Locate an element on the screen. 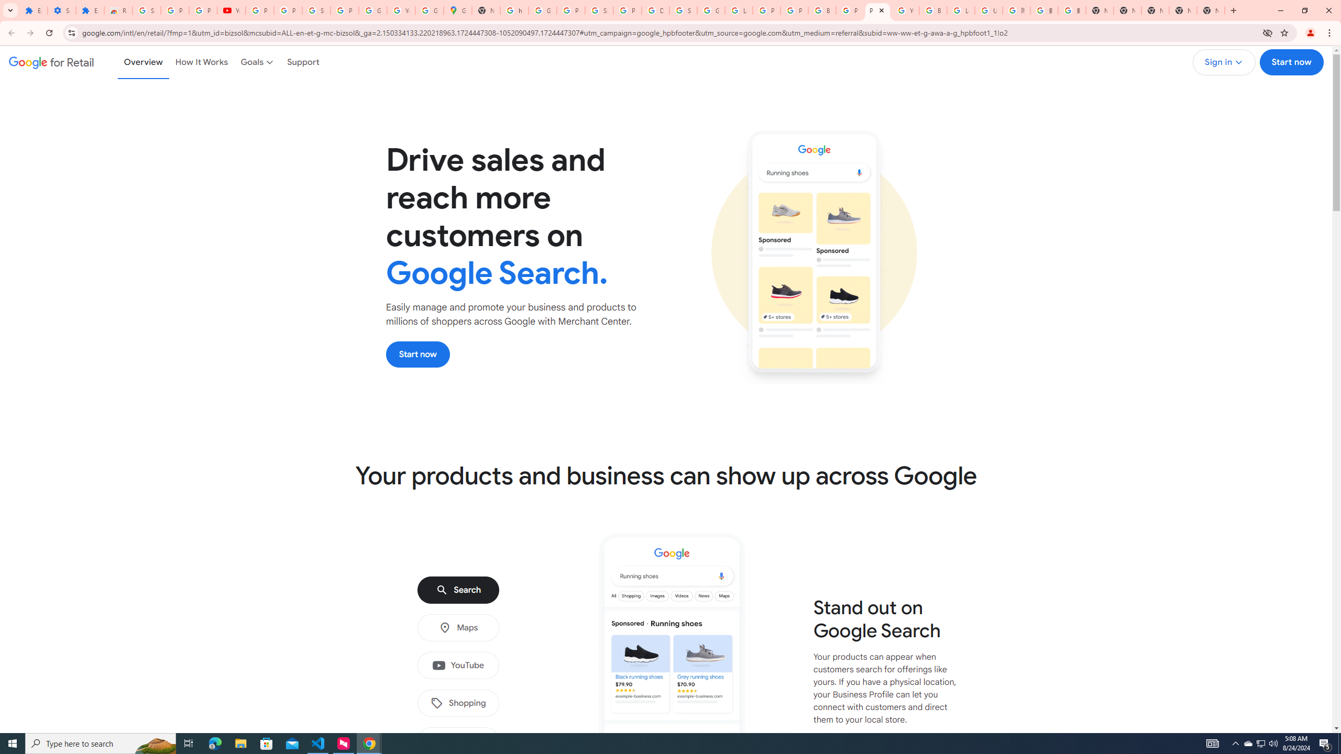 This screenshot has width=1341, height=754. 'Google Account' is located at coordinates (372, 10).